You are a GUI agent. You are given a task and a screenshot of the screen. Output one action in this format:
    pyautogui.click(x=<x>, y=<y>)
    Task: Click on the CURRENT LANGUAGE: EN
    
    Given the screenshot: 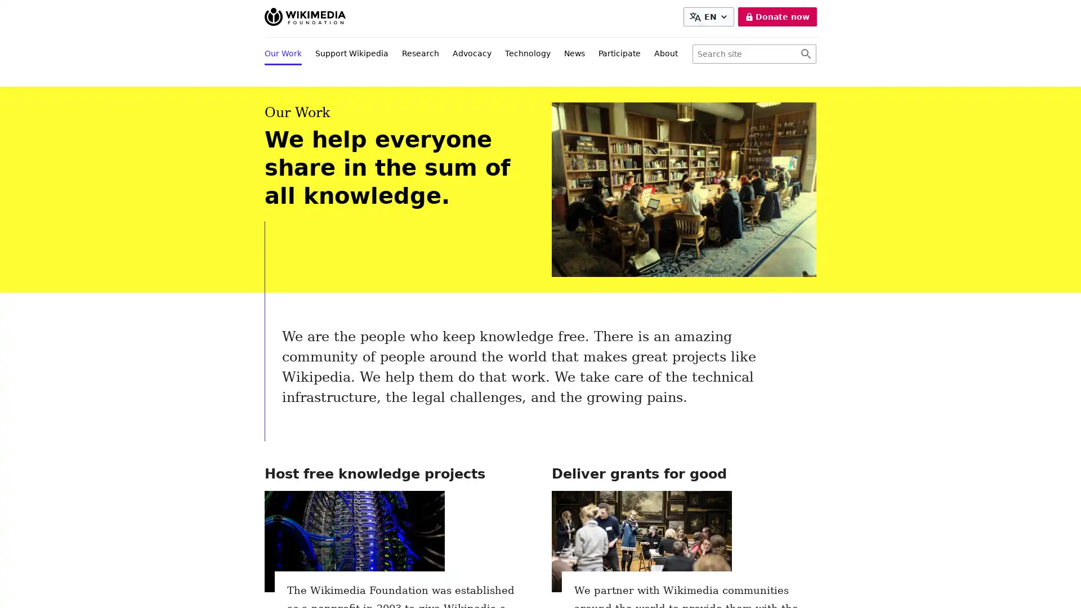 What is the action you would take?
    pyautogui.click(x=708, y=17)
    